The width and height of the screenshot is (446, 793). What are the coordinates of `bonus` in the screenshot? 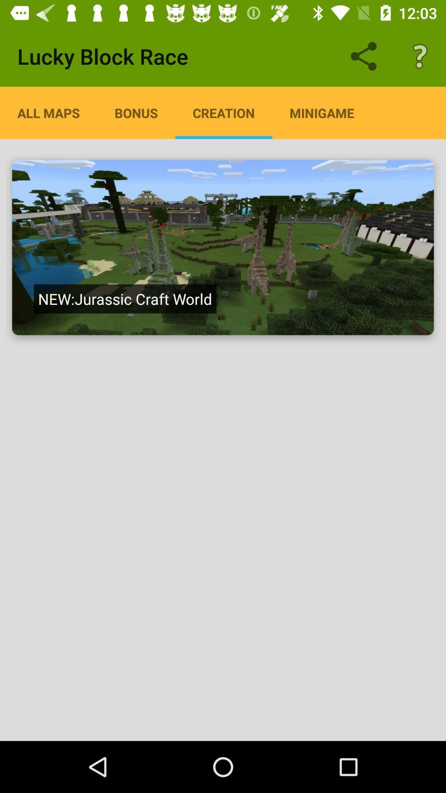 It's located at (136, 112).